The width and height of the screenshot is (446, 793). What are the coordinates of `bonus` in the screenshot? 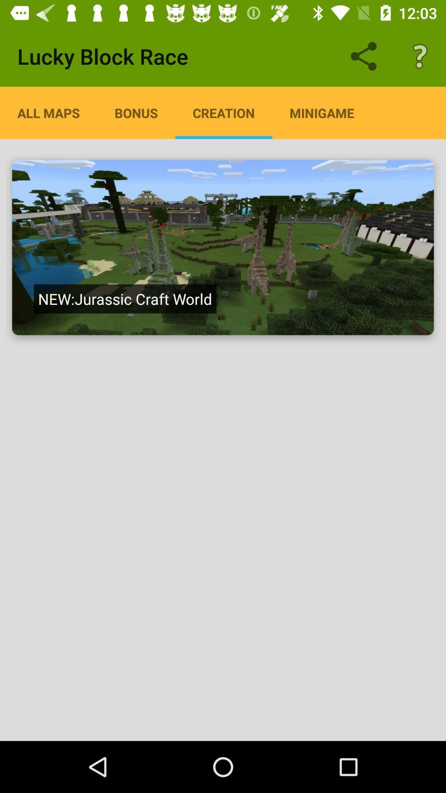 It's located at (136, 112).